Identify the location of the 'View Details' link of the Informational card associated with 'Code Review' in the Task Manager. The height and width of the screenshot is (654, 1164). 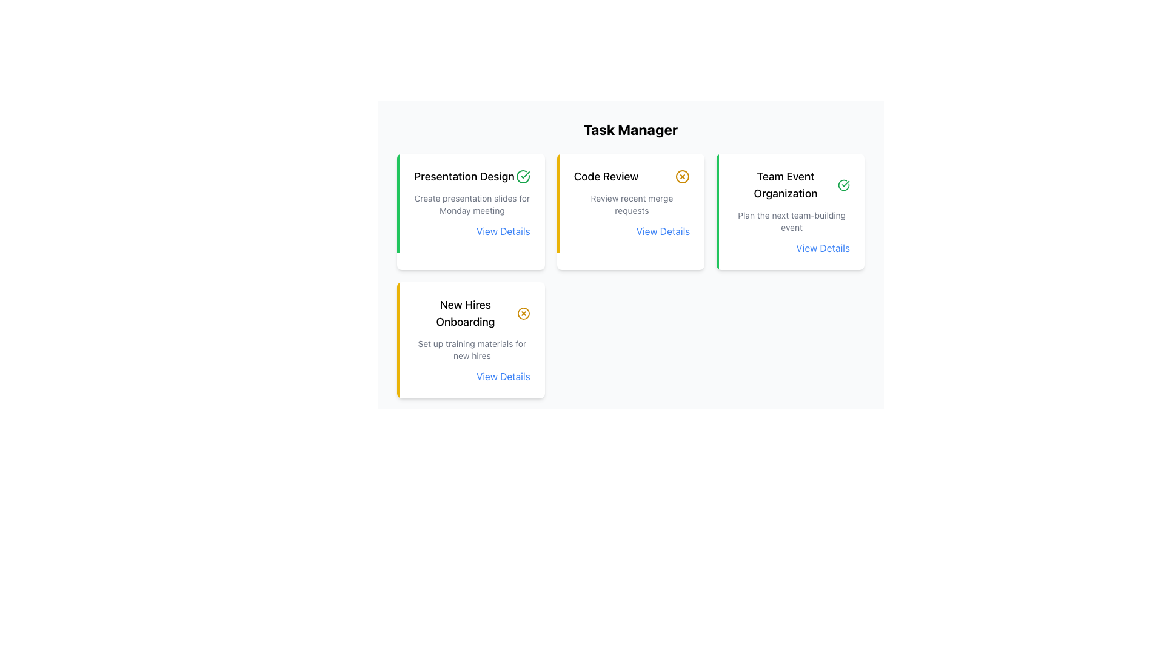
(630, 211).